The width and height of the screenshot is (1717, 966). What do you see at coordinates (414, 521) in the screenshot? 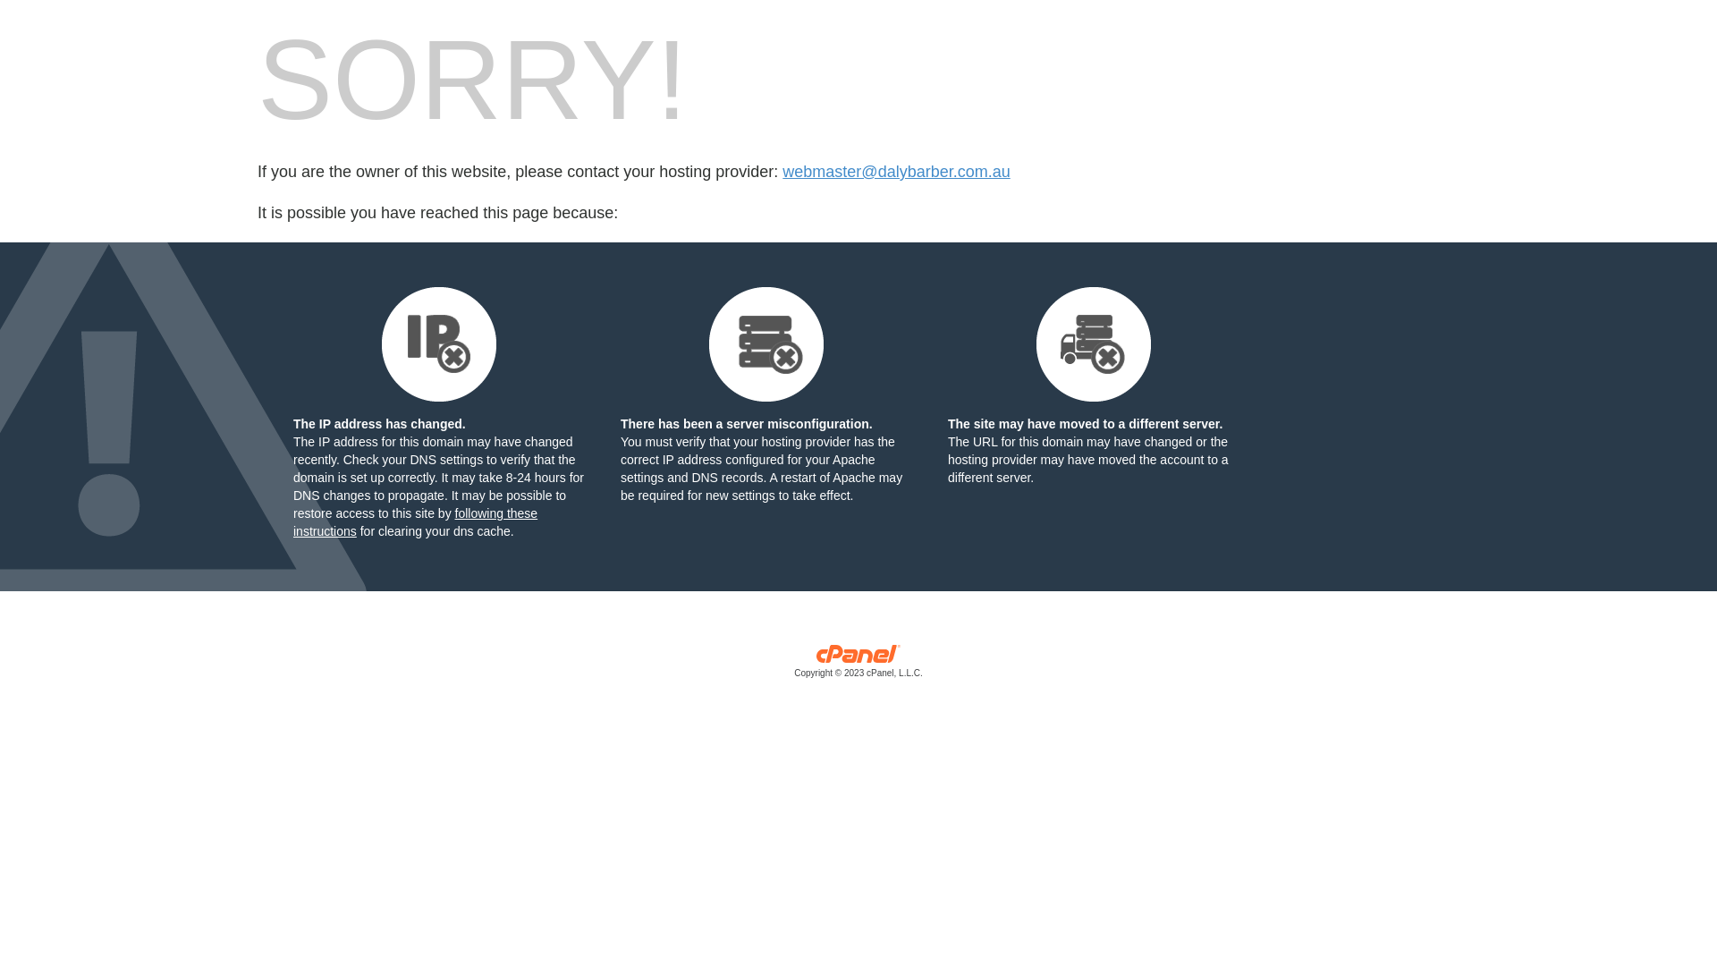
I see `'following these instructions'` at bounding box center [414, 521].